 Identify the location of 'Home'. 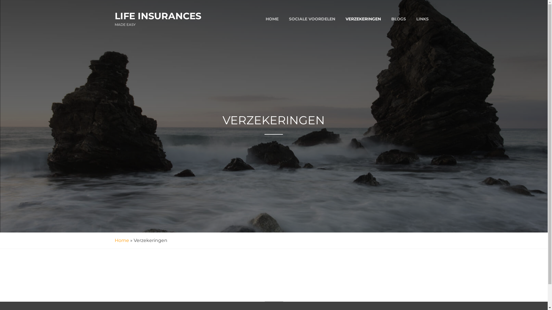
(114, 240).